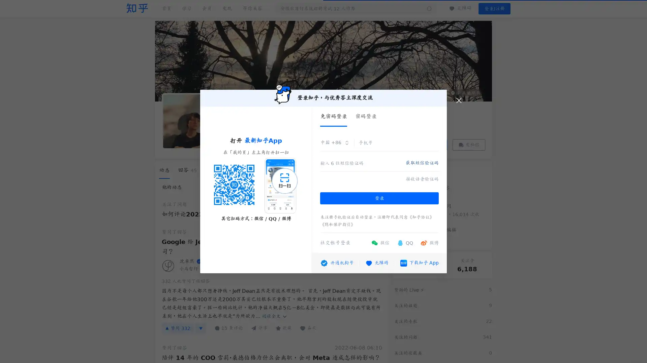 The height and width of the screenshot is (363, 647). Describe the element at coordinates (186, 281) in the screenshot. I see `332` at that location.